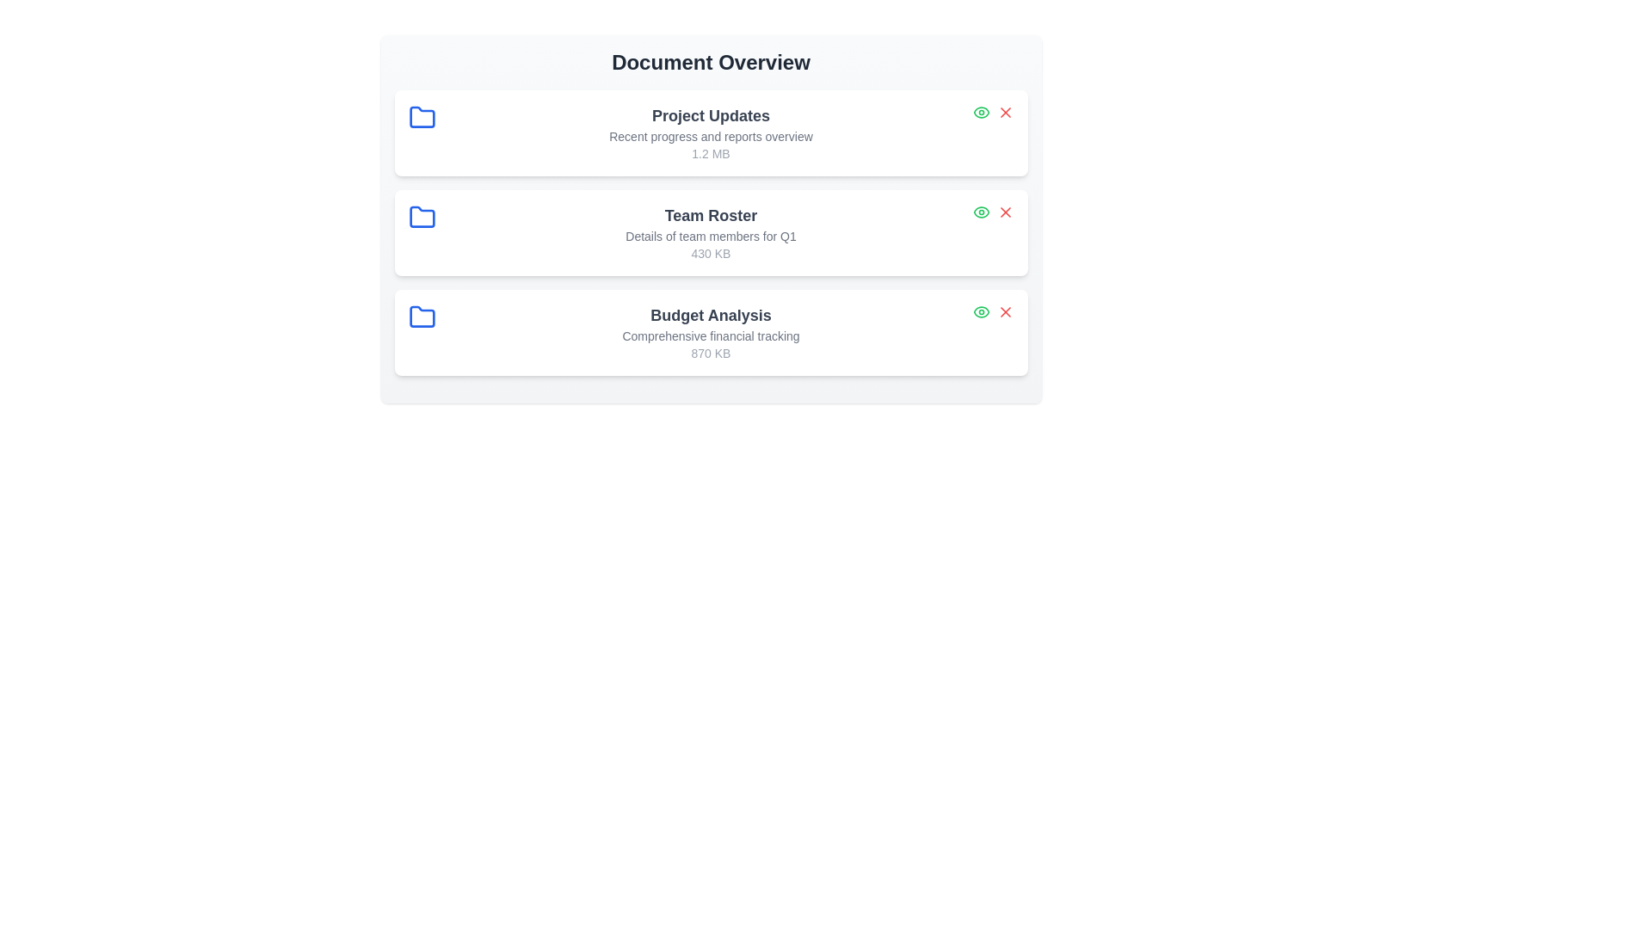 The width and height of the screenshot is (1652, 929). What do you see at coordinates (1005, 311) in the screenshot?
I see `delete button for the document titled 'Budget Analysis'` at bounding box center [1005, 311].